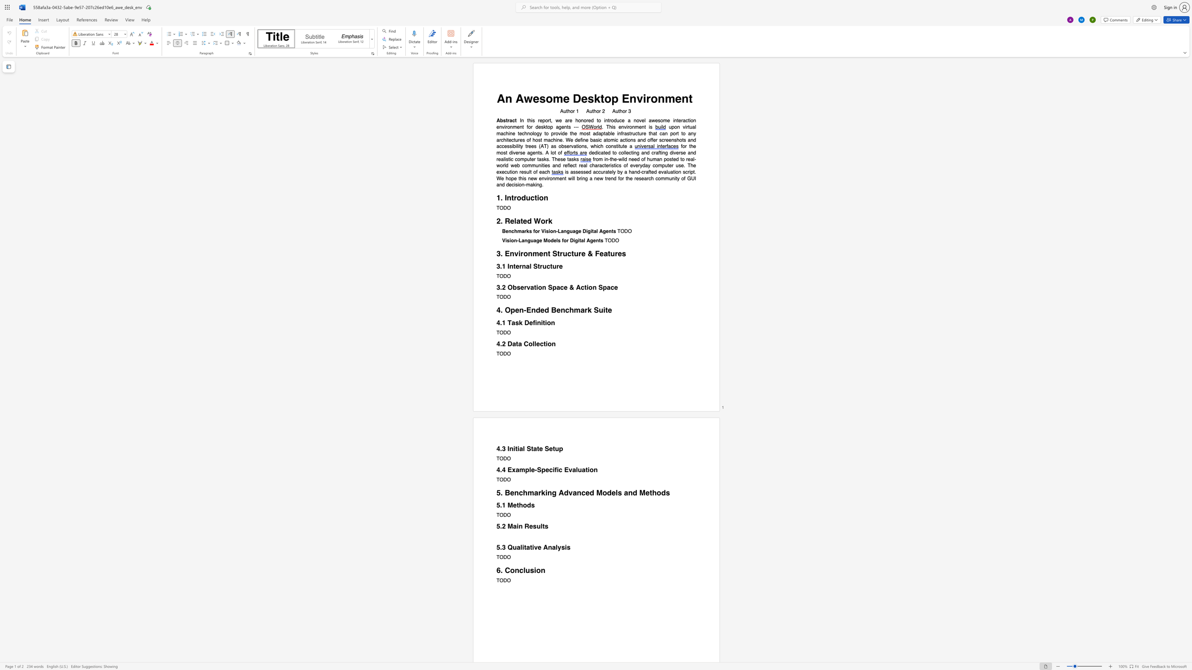 The height and width of the screenshot is (670, 1192). What do you see at coordinates (664, 178) in the screenshot?
I see `the space between the continuous character "m" and "m" in the text` at bounding box center [664, 178].